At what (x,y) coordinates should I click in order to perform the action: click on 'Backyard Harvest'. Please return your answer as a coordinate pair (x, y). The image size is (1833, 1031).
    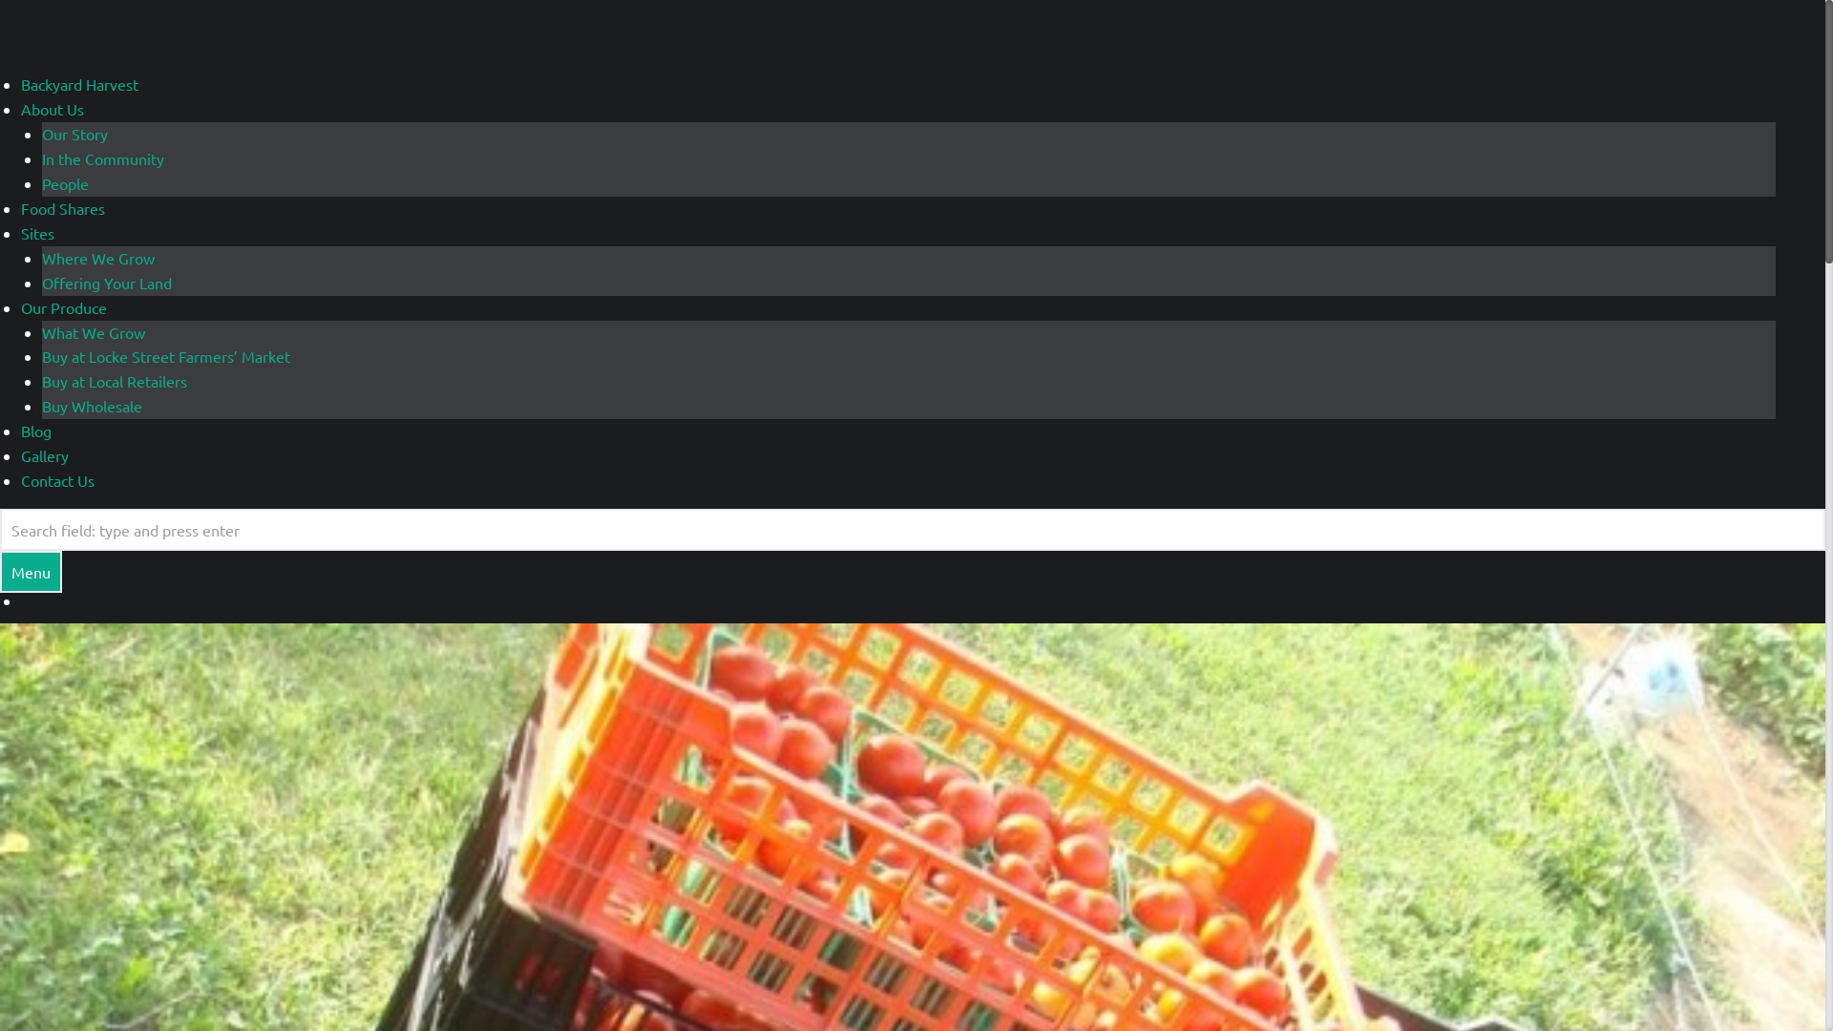
    Looking at the image, I should click on (78, 83).